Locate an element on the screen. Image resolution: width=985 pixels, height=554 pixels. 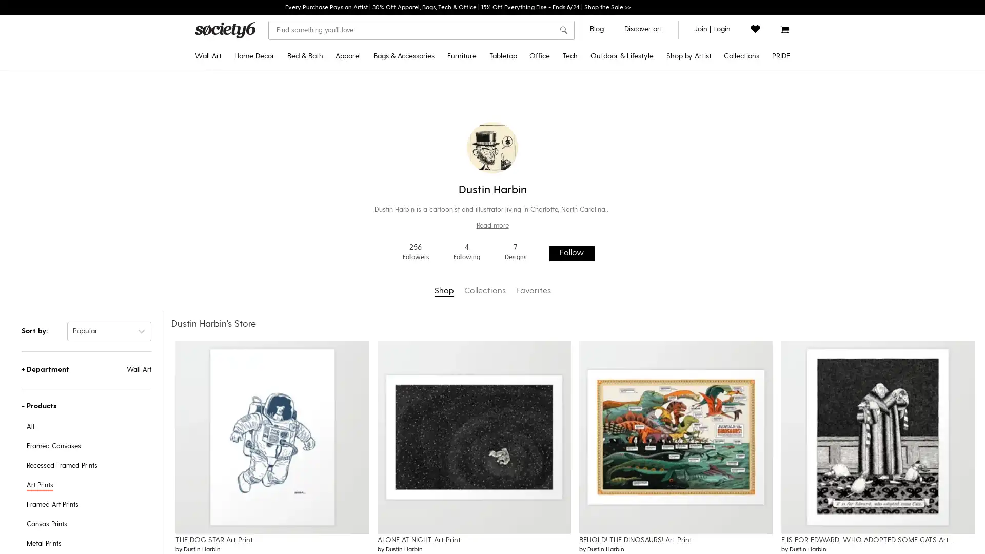
iPad Folio Cases is located at coordinates (606, 181).